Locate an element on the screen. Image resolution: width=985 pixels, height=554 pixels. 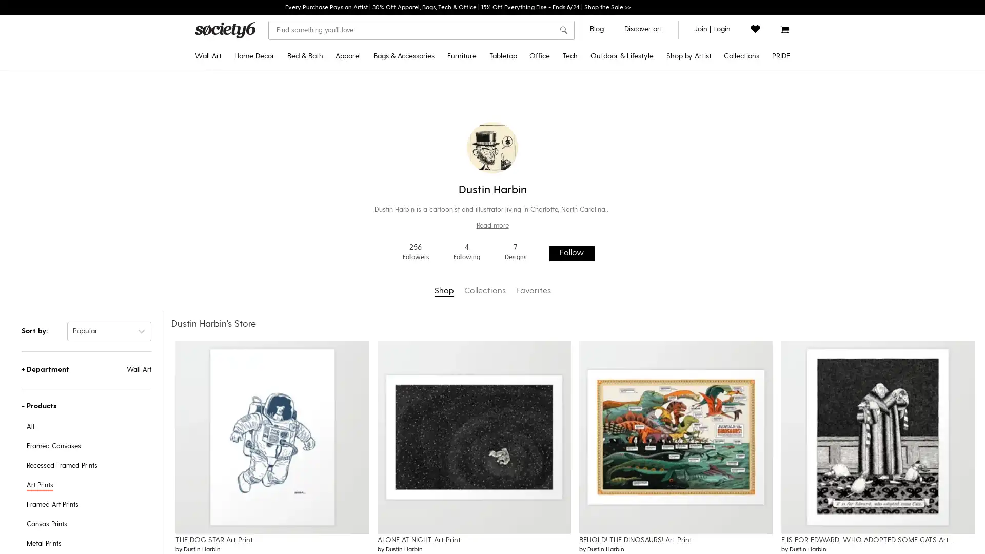
iPad Folio Cases is located at coordinates (606, 181).